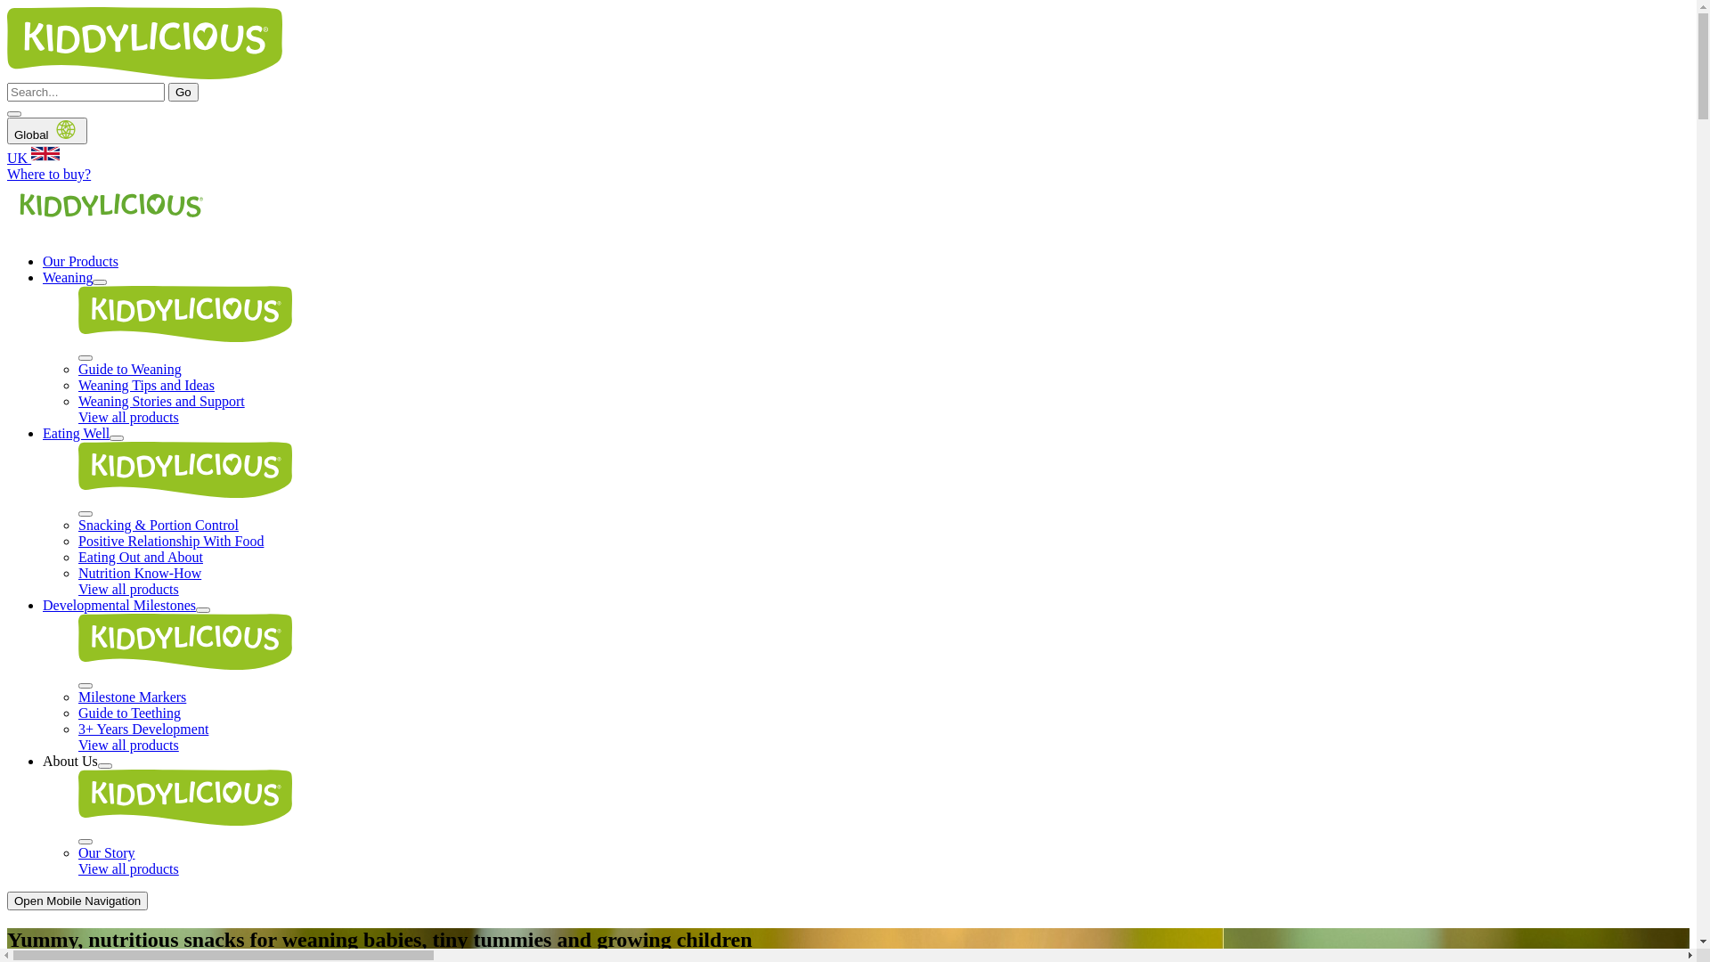 This screenshot has height=962, width=1710. I want to click on 'View all products', so click(127, 589).